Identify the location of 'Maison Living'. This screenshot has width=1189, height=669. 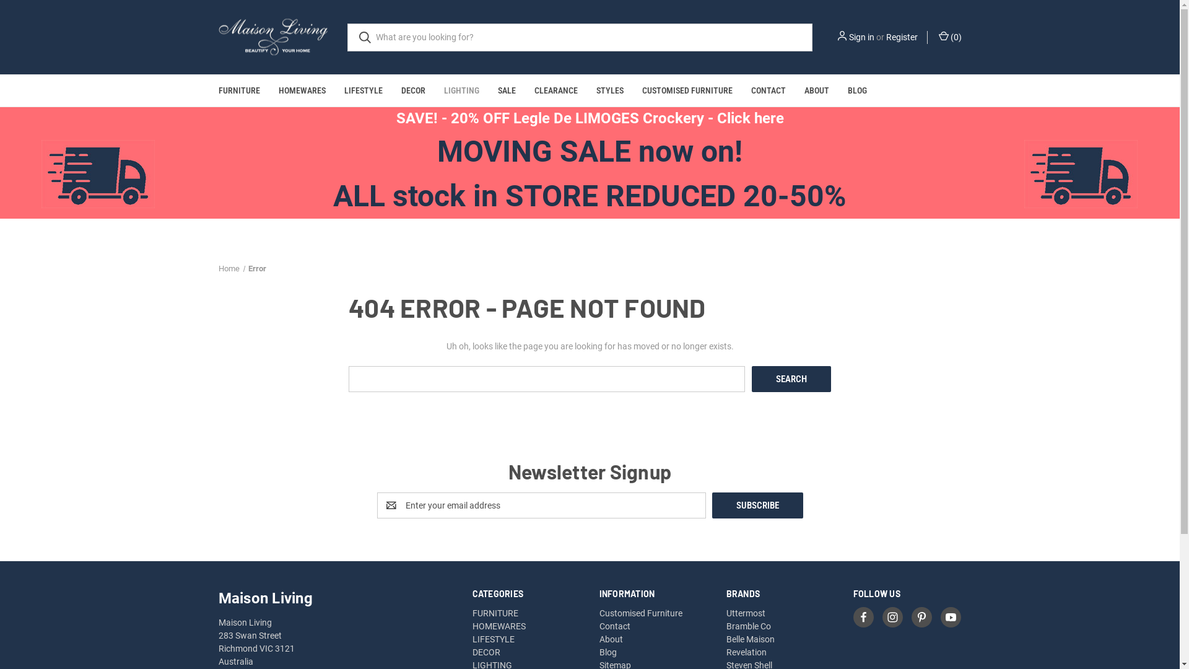
(272, 37).